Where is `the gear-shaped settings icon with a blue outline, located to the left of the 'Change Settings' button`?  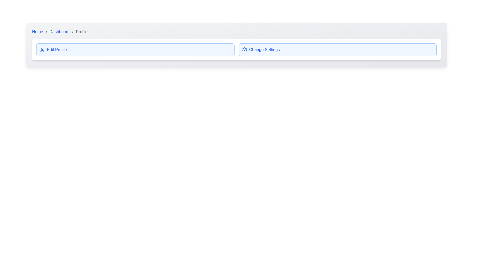 the gear-shaped settings icon with a blue outline, located to the left of the 'Change Settings' button is located at coordinates (244, 50).